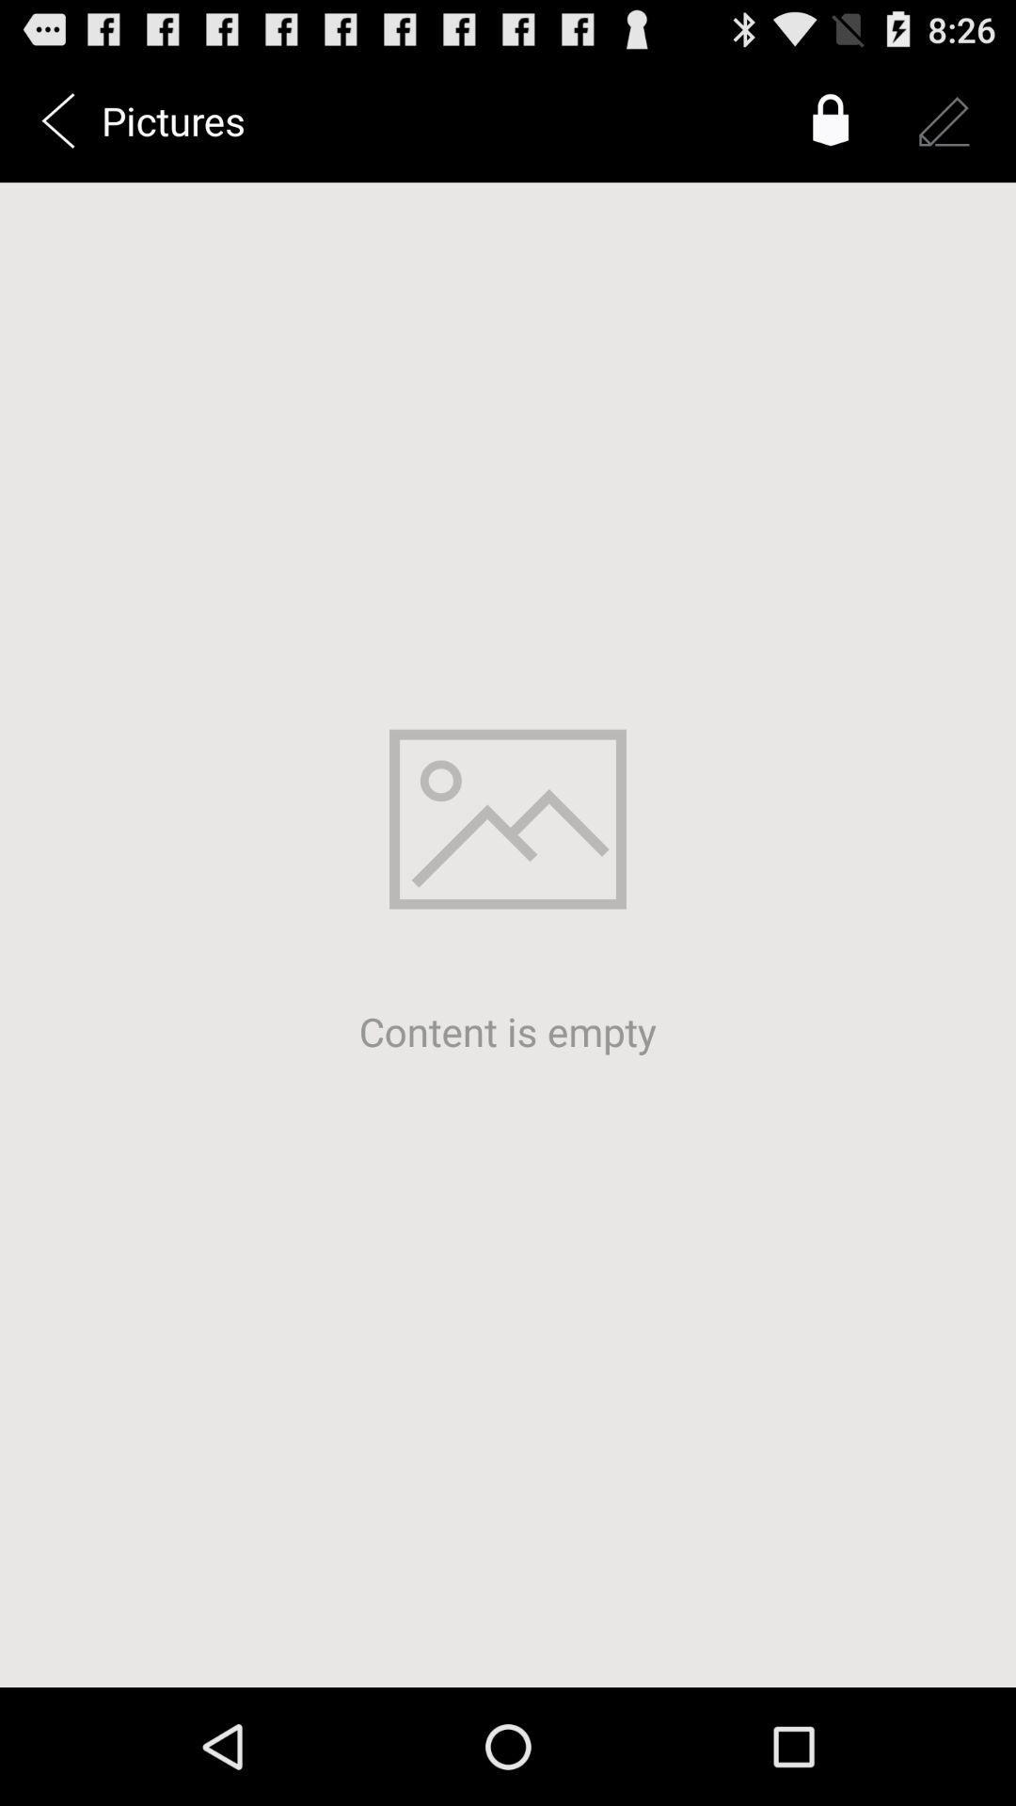  What do you see at coordinates (830, 128) in the screenshot?
I see `the lock icon` at bounding box center [830, 128].